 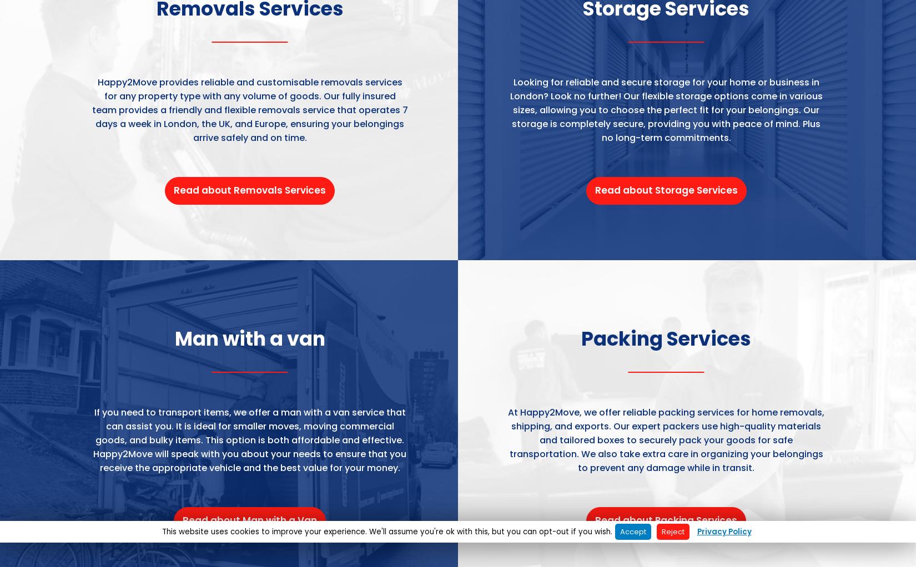 I want to click on 'Read about Removals Services', so click(x=249, y=190).